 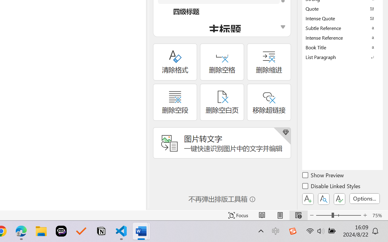 What do you see at coordinates (298, 215) in the screenshot?
I see `'Web Layout'` at bounding box center [298, 215].